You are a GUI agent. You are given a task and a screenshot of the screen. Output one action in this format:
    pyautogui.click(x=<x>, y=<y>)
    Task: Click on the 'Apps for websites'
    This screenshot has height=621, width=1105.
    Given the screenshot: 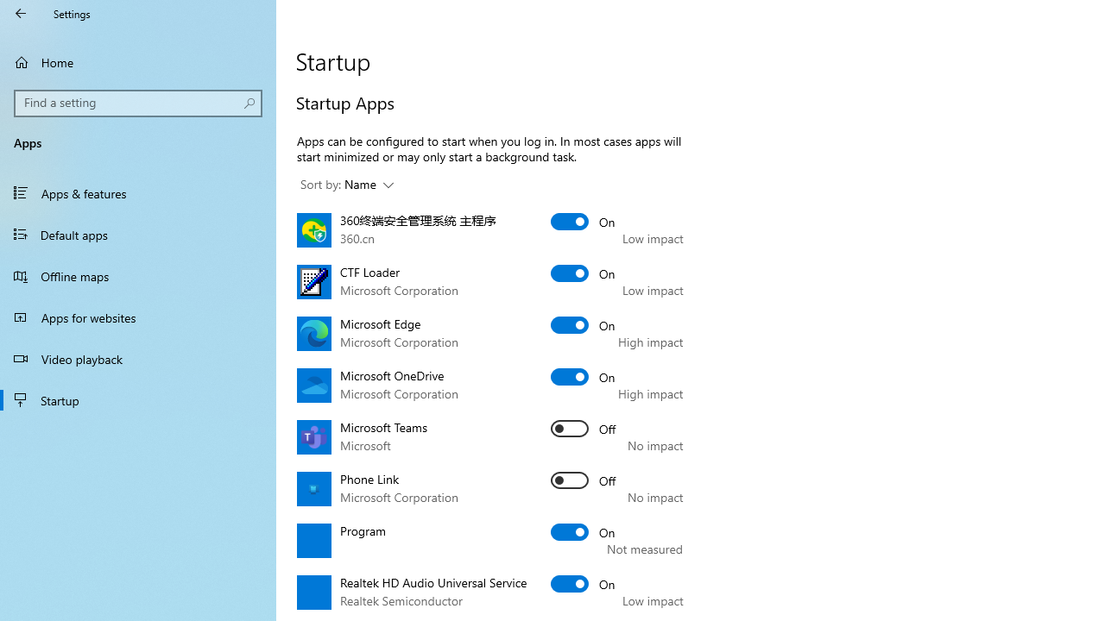 What is the action you would take?
    pyautogui.click(x=138, y=317)
    